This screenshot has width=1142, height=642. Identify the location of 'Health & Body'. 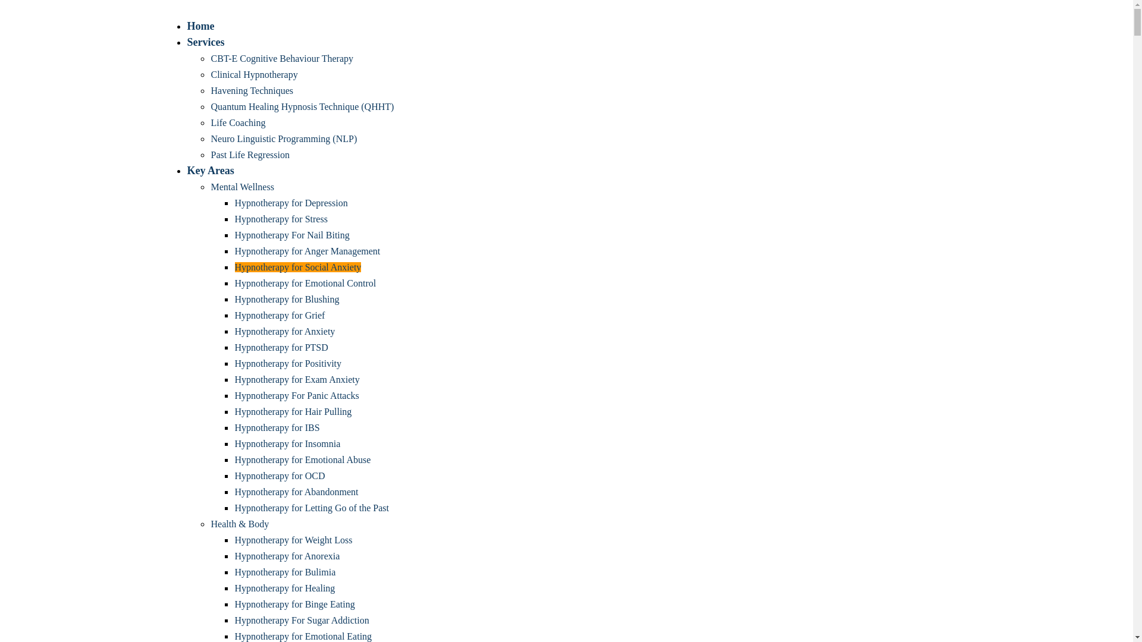
(239, 523).